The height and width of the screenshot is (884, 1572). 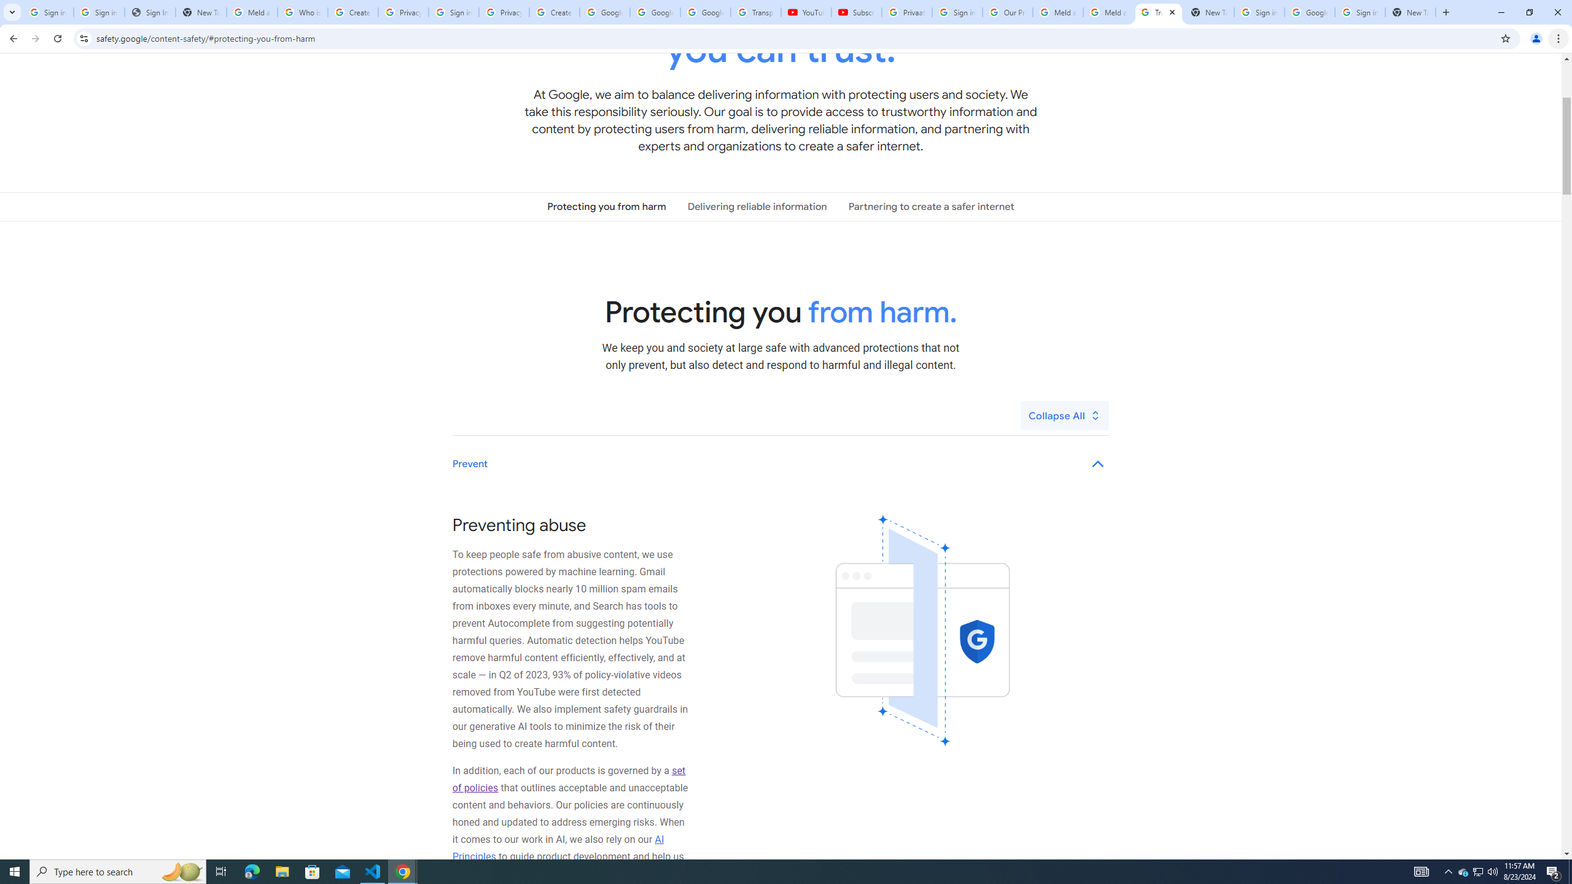 What do you see at coordinates (553, 12) in the screenshot?
I see `'Create your Google Account'` at bounding box center [553, 12].